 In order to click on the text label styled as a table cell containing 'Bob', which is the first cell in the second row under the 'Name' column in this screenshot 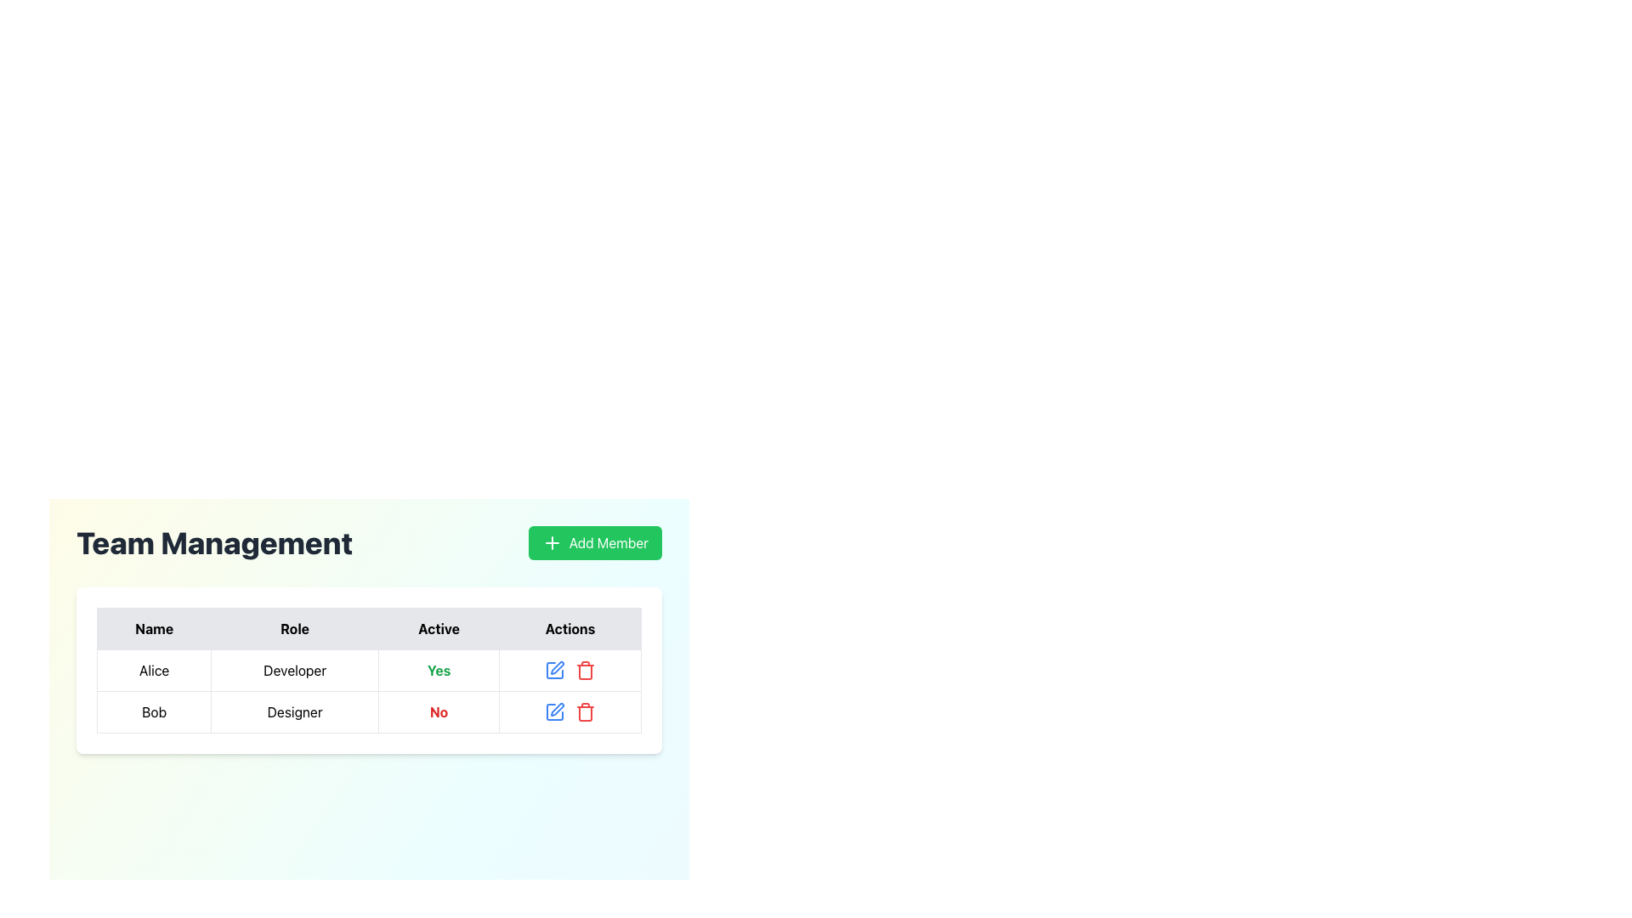, I will do `click(154, 711)`.